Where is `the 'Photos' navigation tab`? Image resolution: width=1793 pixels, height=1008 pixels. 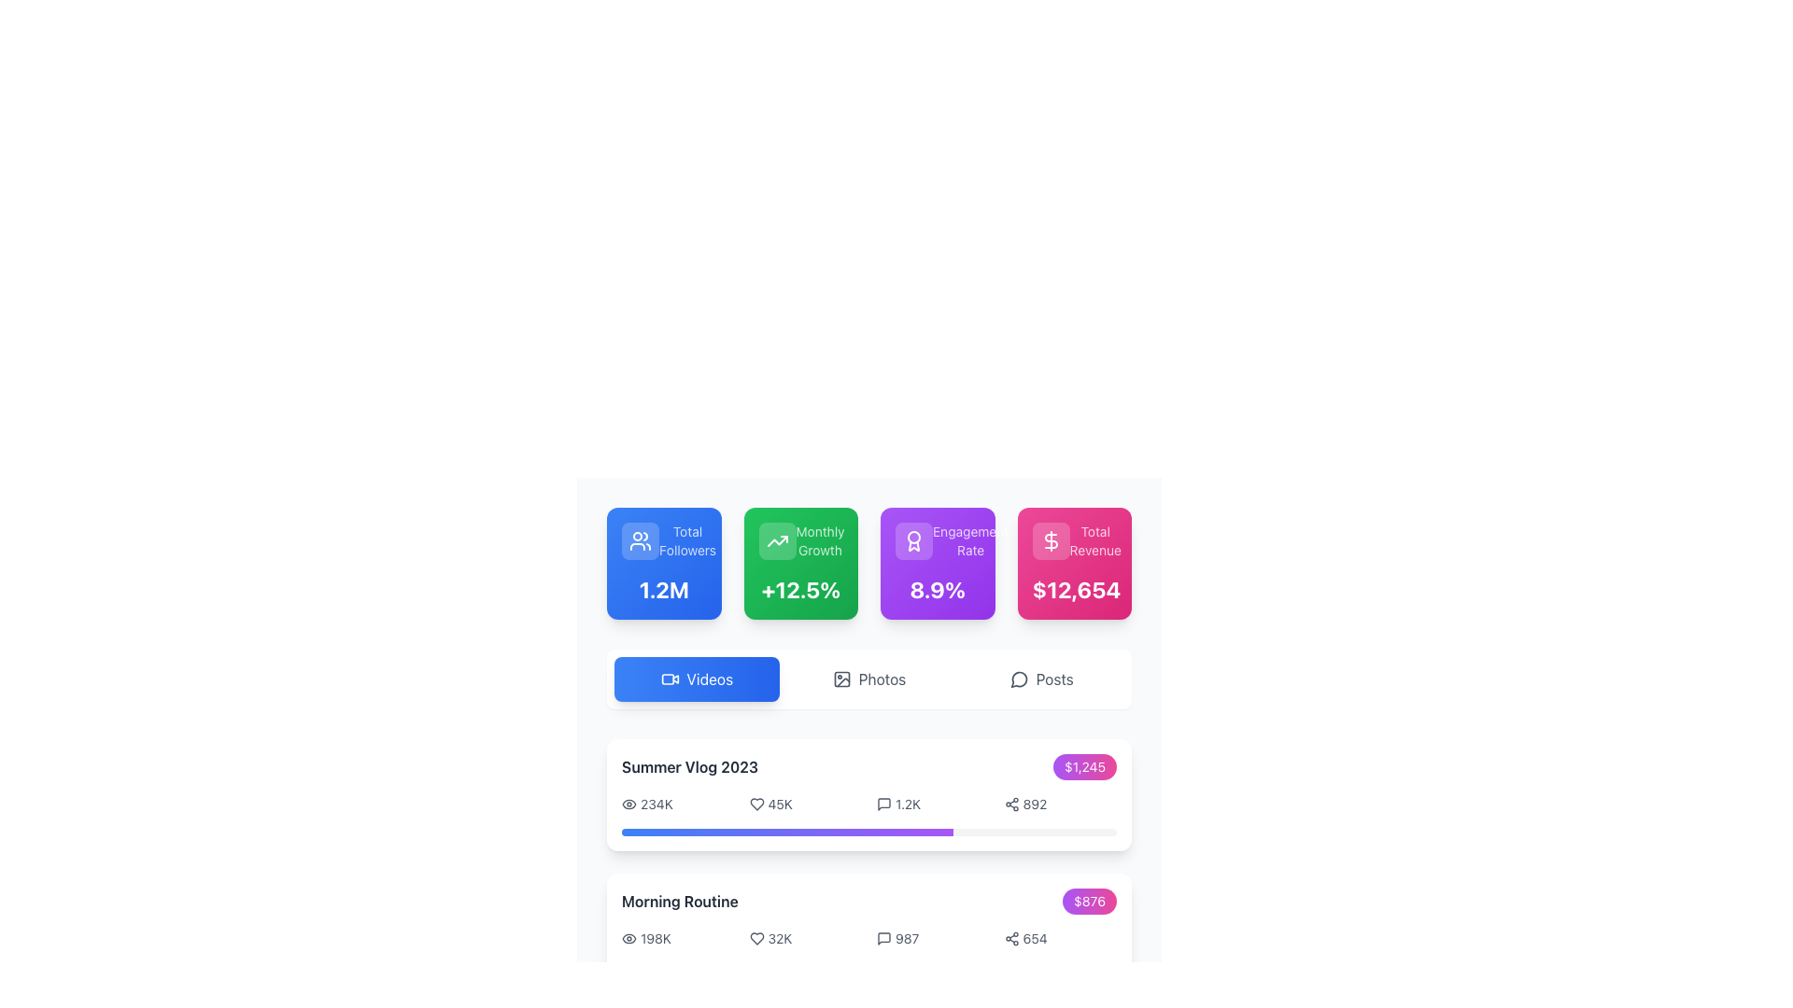
the 'Photos' navigation tab is located at coordinates (882, 679).